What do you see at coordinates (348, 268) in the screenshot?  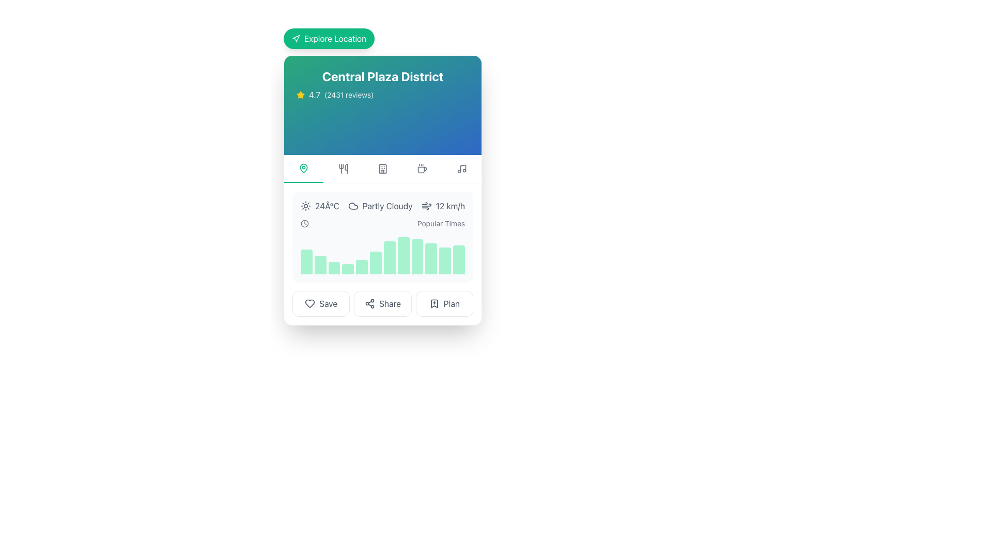 I see `the fourth data visualization bar in the horizontal bar chart, which visually represents a specific value in comparative metrics` at bounding box center [348, 268].